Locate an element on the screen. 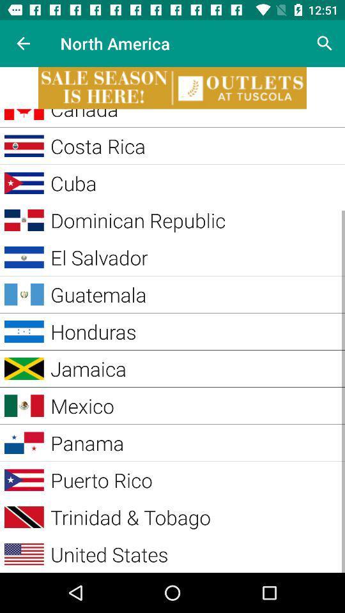 This screenshot has width=345, height=613. title image page is located at coordinates (172, 87).